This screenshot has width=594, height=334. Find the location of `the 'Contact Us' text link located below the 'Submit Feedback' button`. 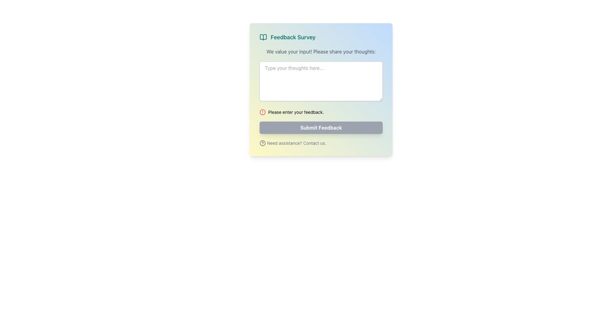

the 'Contact Us' text link located below the 'Submit Feedback' button is located at coordinates (321, 143).